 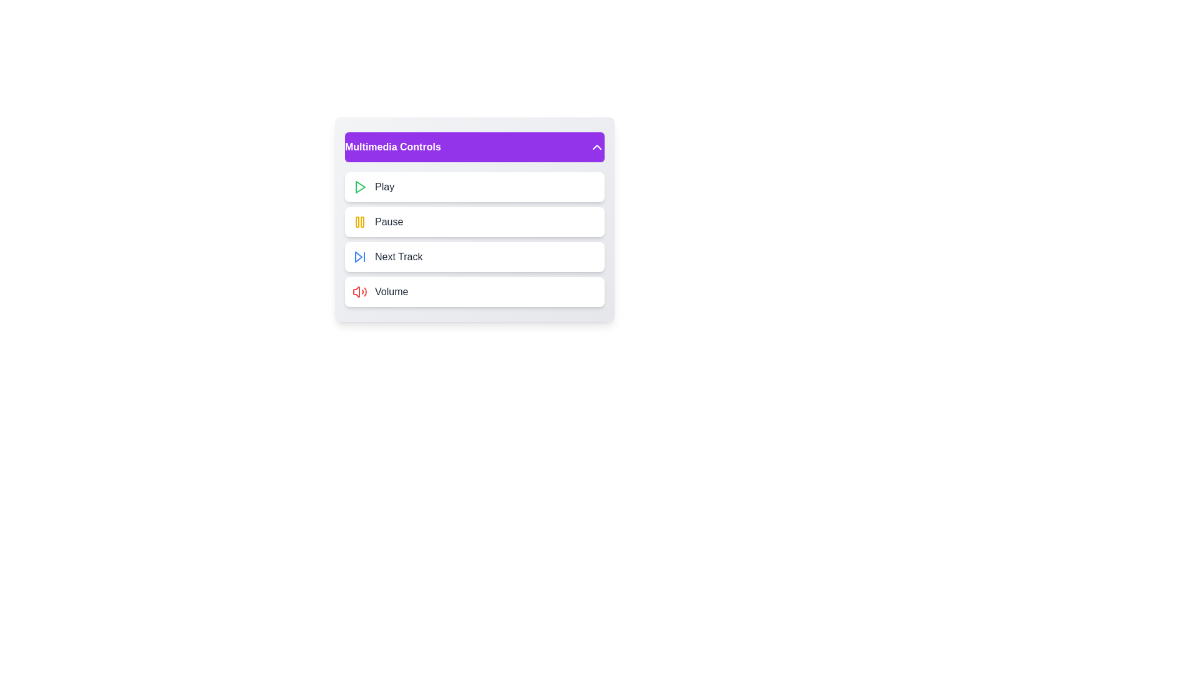 I want to click on the 'Next Track' icon located at the center of the multimedia control panel, which is the third button from the top among four control buttons, so click(x=358, y=256).